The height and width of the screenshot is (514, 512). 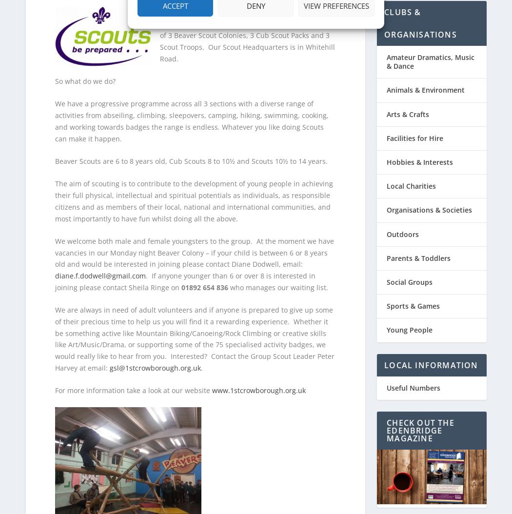 I want to click on 'Organisations & Societies', so click(x=429, y=204).